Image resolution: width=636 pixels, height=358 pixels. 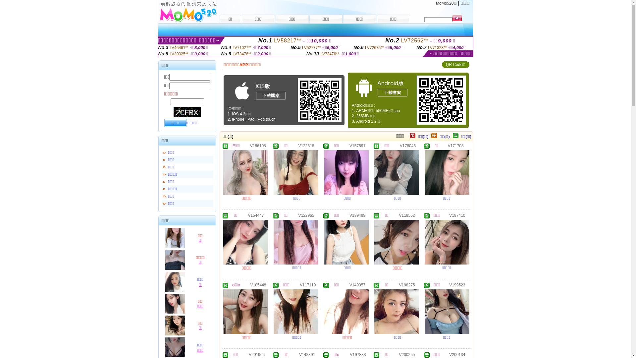 I want to click on 'V186108', so click(x=257, y=145).